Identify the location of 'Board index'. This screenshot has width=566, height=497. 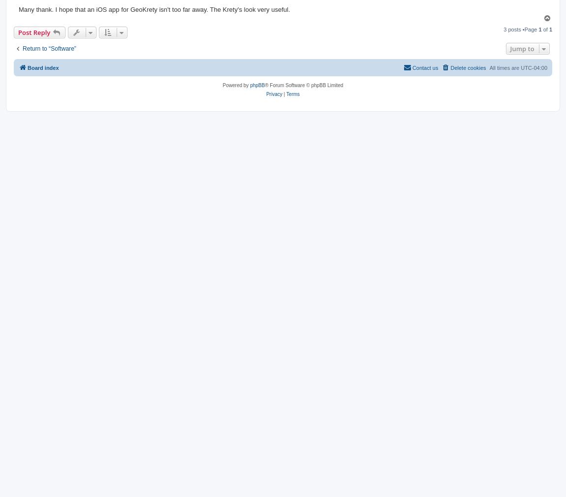
(42, 67).